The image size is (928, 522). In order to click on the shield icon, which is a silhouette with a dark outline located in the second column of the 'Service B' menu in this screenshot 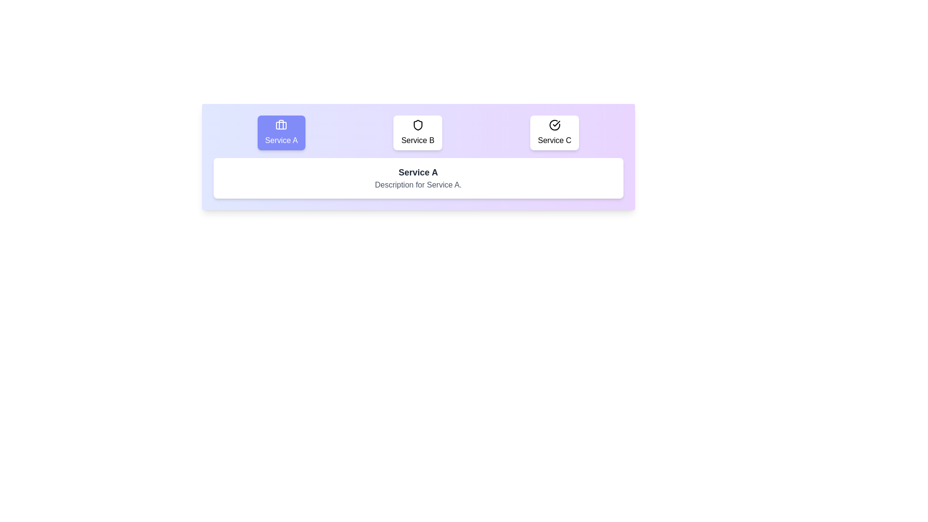, I will do `click(418, 124)`.